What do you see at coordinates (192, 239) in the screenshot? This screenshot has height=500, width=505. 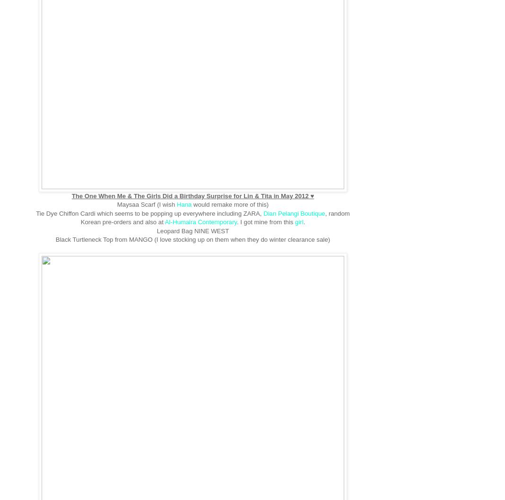 I see `'Black Turtleneck Top from MANGO (I love stocking up on them when they do winter clearance sale)'` at bounding box center [192, 239].